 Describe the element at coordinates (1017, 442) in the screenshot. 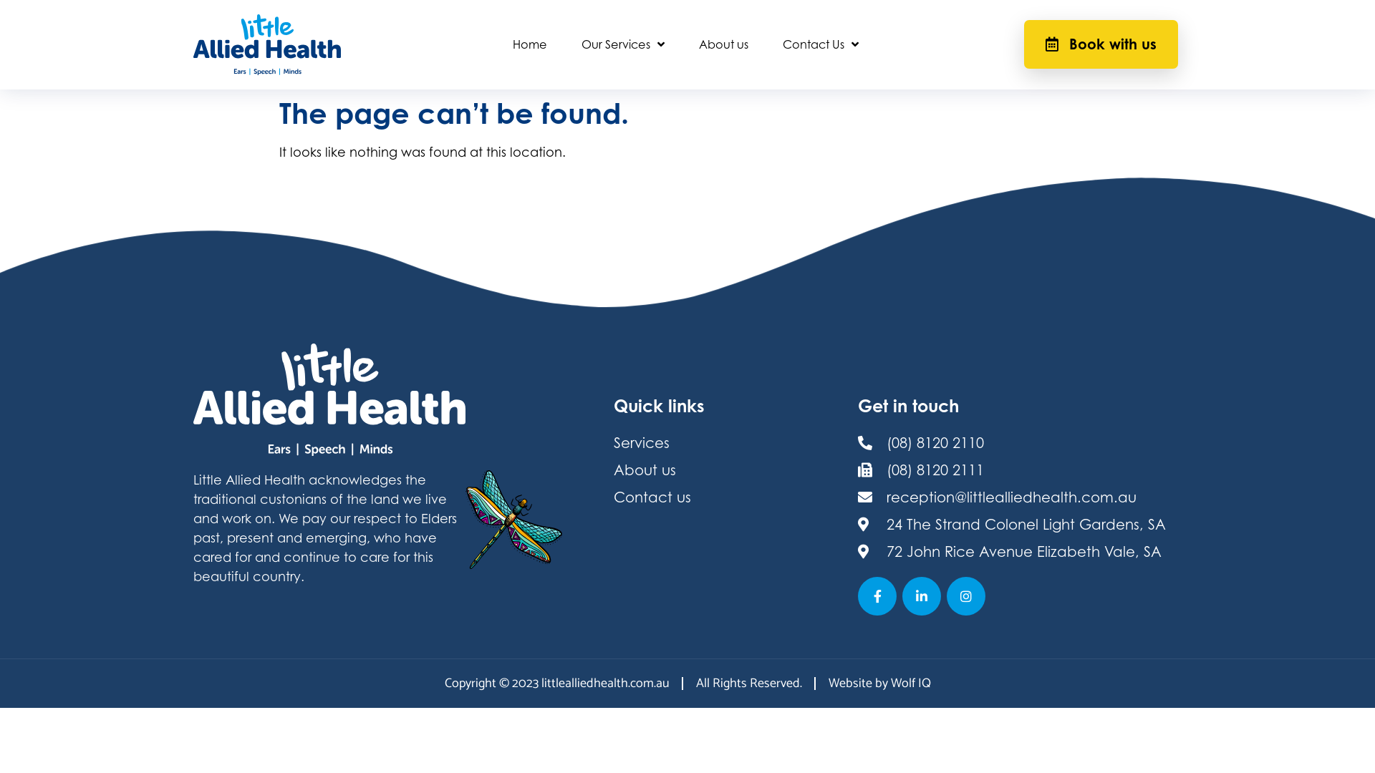

I see `'(08) 8120 2110'` at that location.